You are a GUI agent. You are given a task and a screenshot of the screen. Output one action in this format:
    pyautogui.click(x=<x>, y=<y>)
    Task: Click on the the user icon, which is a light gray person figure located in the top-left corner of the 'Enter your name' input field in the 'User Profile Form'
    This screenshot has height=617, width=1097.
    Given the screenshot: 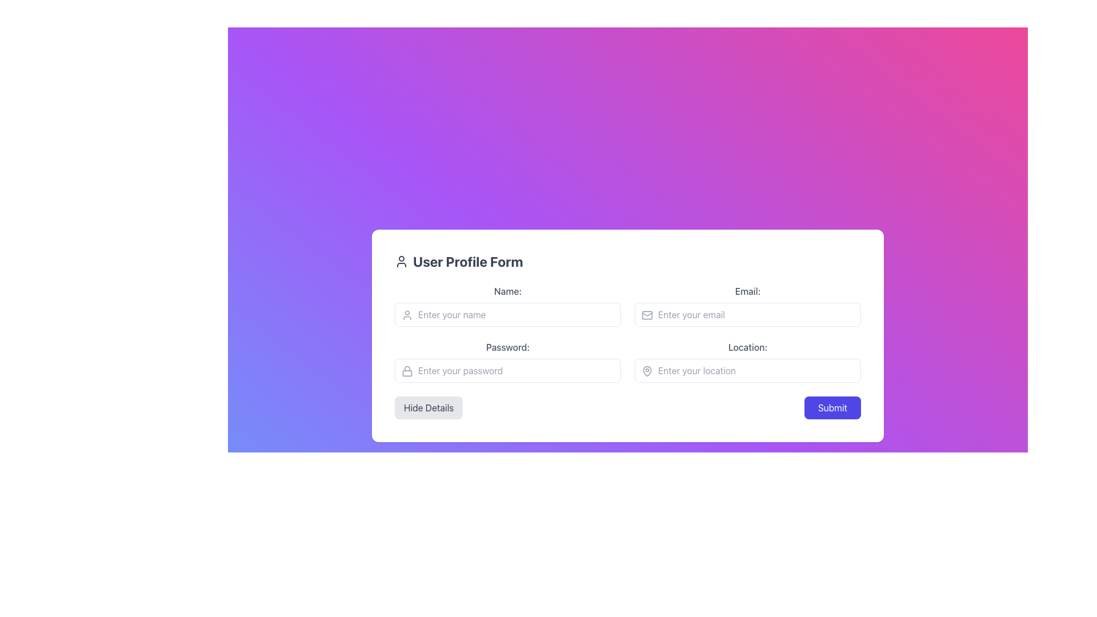 What is the action you would take?
    pyautogui.click(x=407, y=315)
    